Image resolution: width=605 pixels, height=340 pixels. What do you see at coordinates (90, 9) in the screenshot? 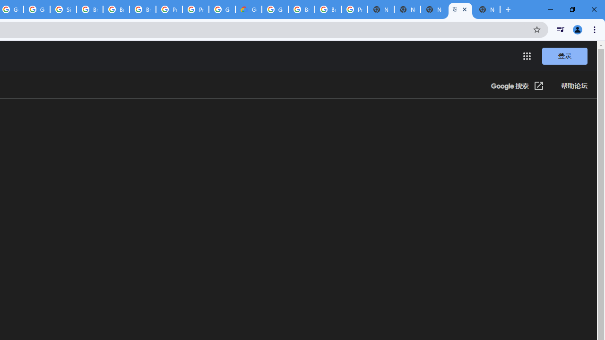
I see `'Browse Chrome as a guest - Computer - Google Chrome Help'` at bounding box center [90, 9].